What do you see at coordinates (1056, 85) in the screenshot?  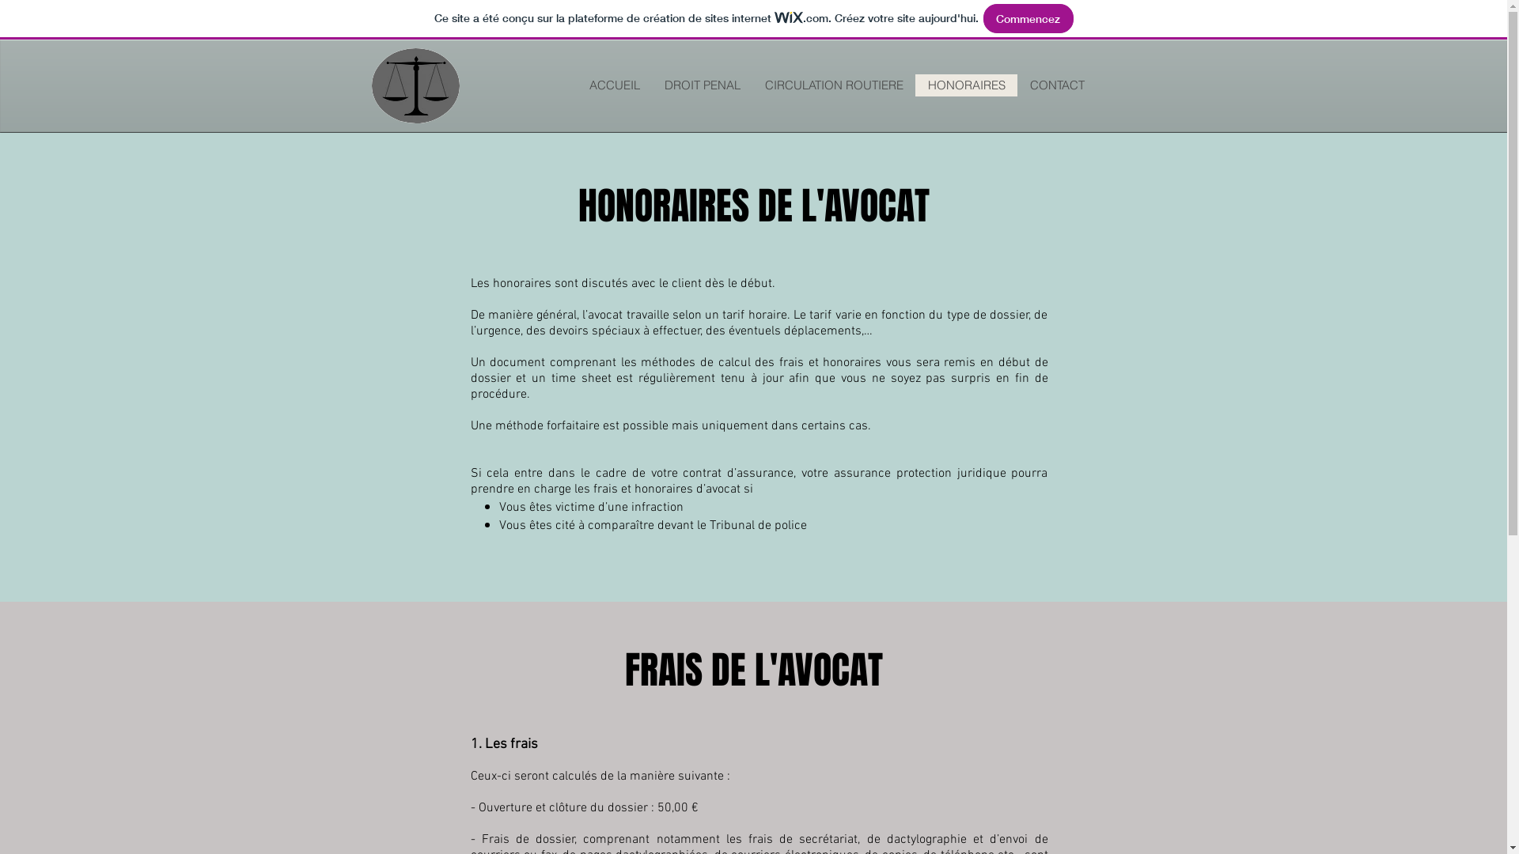 I see `'CONTACT'` at bounding box center [1056, 85].